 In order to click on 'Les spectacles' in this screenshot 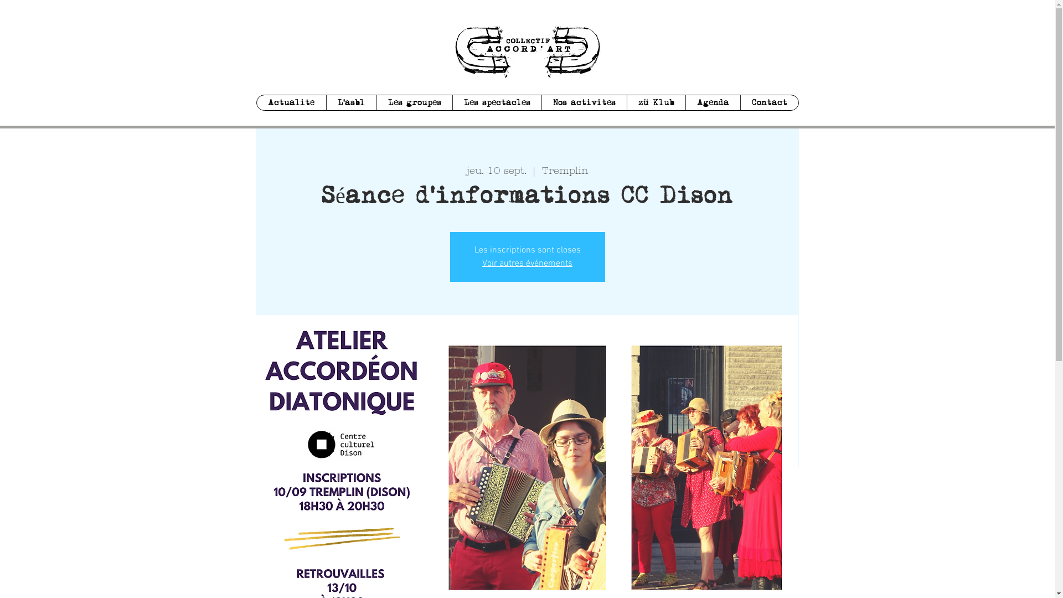, I will do `click(496, 102)`.